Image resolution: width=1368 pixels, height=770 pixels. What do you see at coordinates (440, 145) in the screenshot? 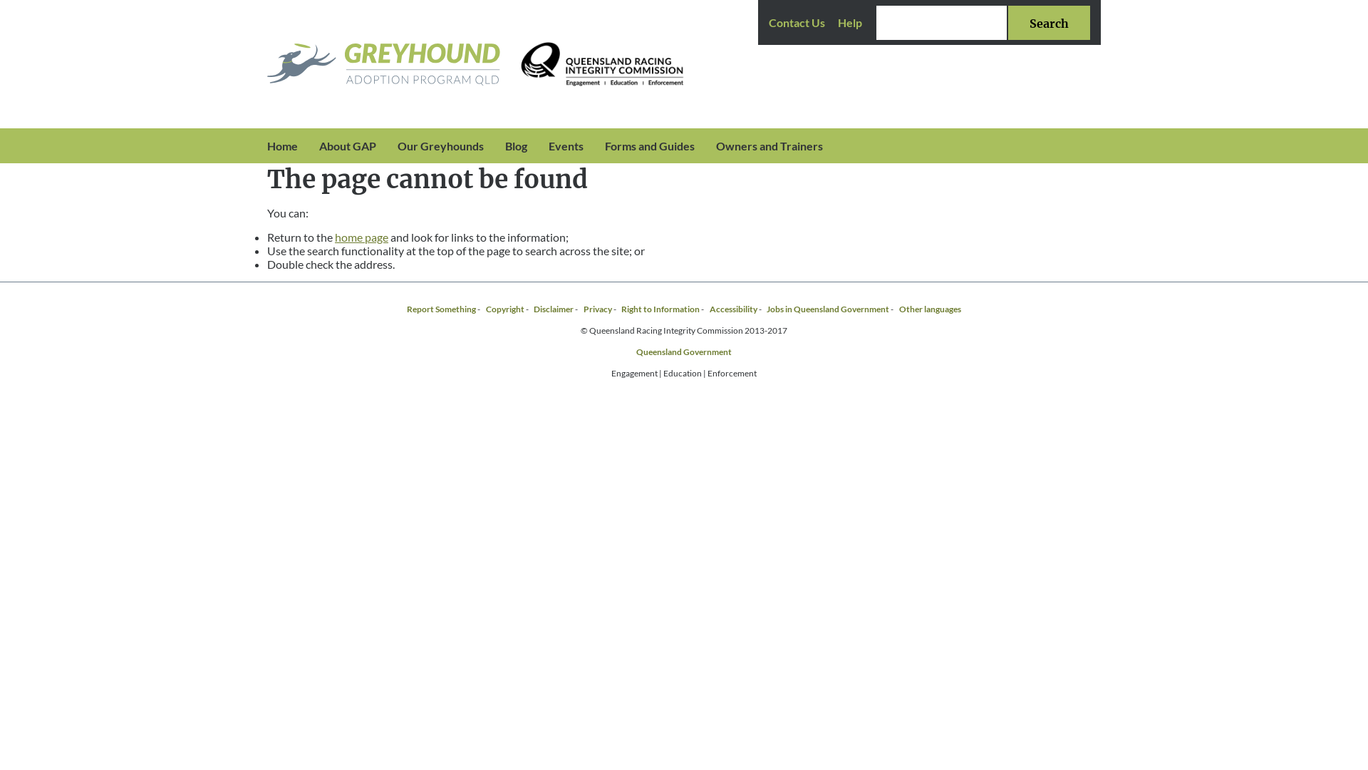
I see `'Our Greyhounds'` at bounding box center [440, 145].